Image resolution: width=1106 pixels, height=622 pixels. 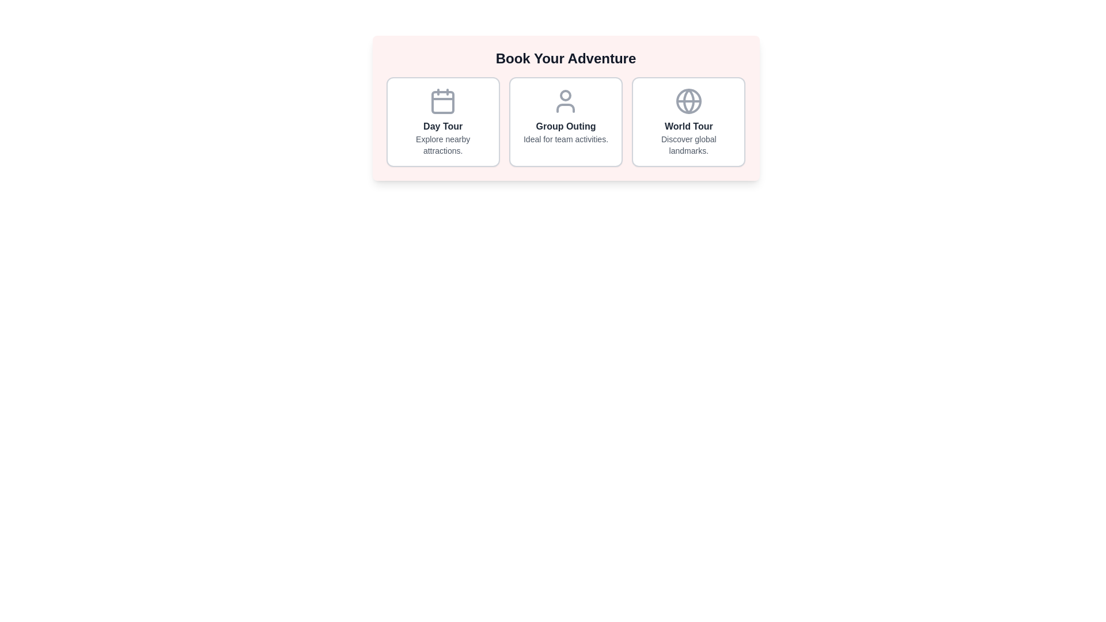 I want to click on text segment that describes the 'Day Tour' option, located in the first column of a three-column grid, below a calendar icon, so click(x=442, y=137).